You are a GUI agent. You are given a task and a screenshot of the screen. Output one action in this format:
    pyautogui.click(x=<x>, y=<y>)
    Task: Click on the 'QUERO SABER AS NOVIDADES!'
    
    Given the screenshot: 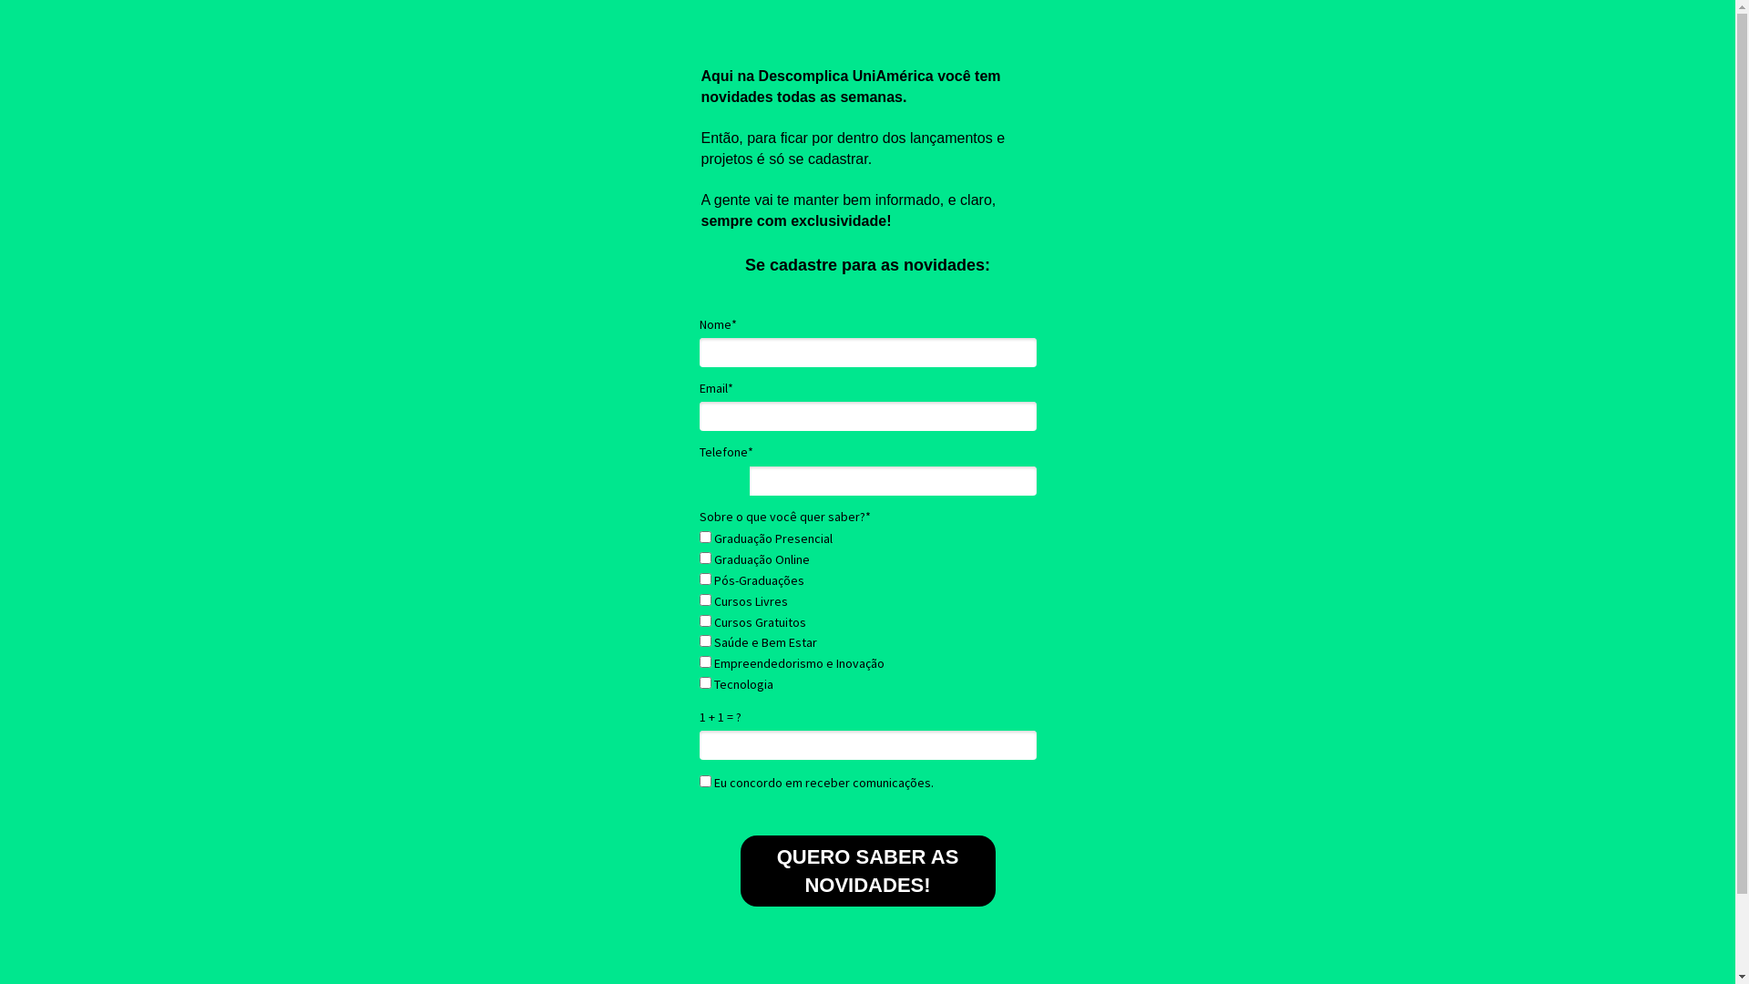 What is the action you would take?
    pyautogui.click(x=865, y=870)
    